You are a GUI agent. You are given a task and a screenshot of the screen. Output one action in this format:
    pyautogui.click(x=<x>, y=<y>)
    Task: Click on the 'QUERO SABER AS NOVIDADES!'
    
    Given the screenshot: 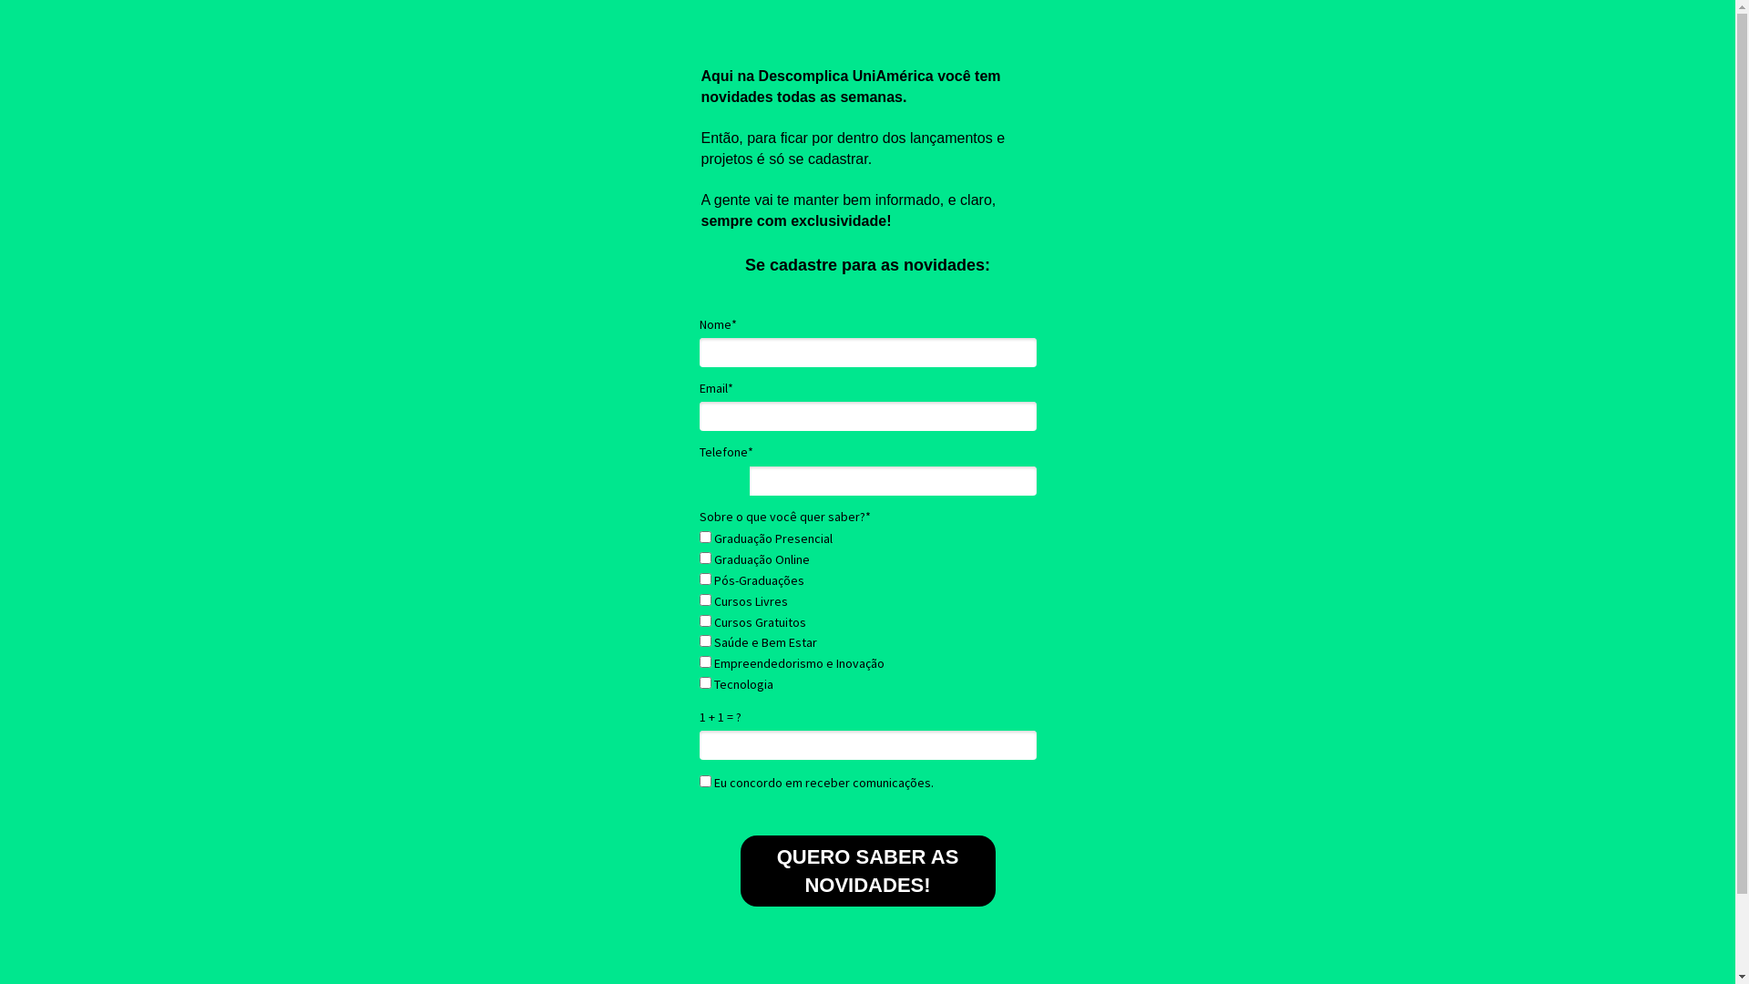 What is the action you would take?
    pyautogui.click(x=865, y=870)
    